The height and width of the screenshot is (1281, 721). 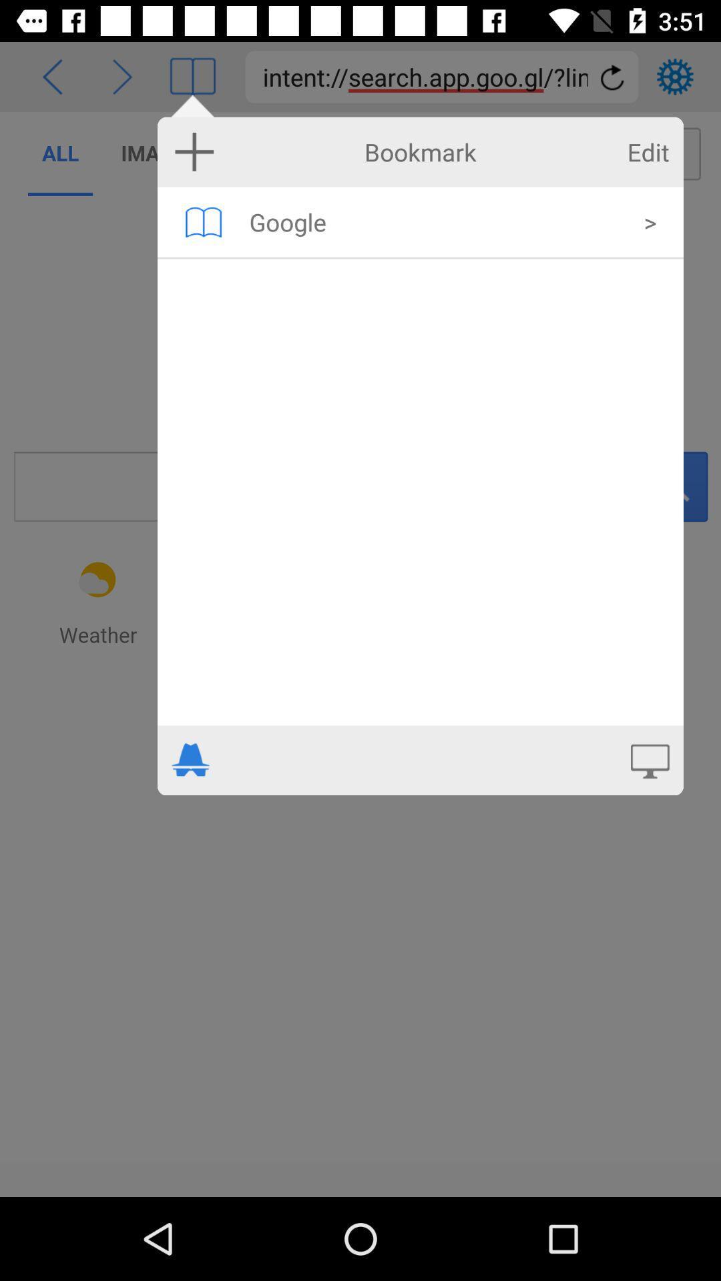 I want to click on item to the left of > icon, so click(x=437, y=222).